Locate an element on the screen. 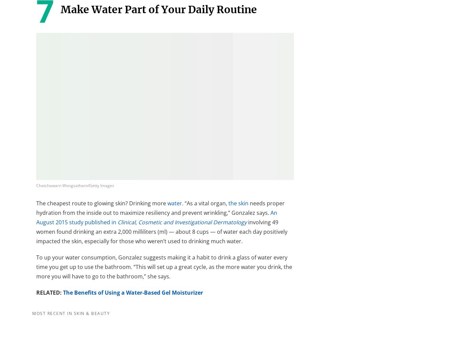  'Chatchawarn Wongsatharn/Getty Images' is located at coordinates (36, 185).